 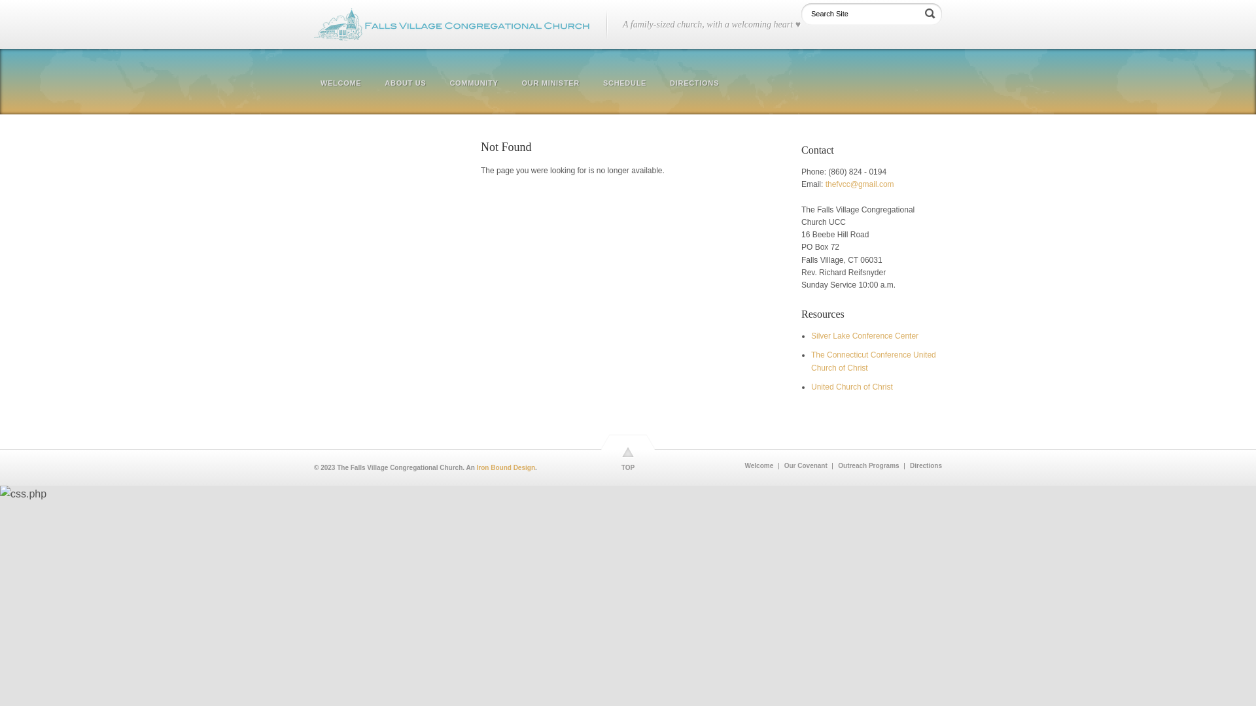 I want to click on 'SCHEDULE', so click(x=624, y=83).